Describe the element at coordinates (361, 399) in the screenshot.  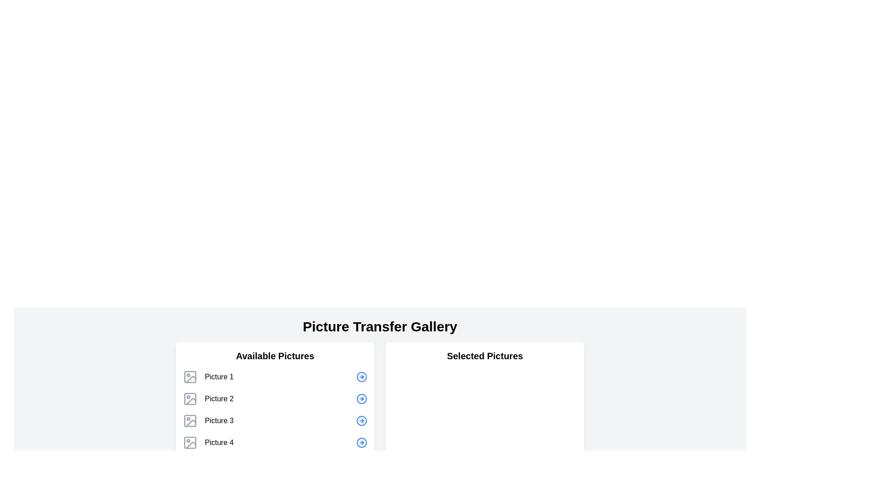
I see `the second circular arrow icon button that is used to transfer 'Picture 2' in the 'Available Pictures' list` at that location.